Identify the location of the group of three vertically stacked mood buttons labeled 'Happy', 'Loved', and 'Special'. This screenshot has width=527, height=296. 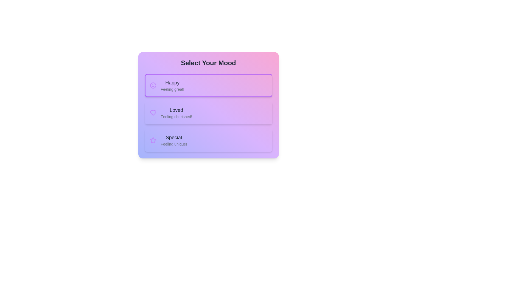
(208, 113).